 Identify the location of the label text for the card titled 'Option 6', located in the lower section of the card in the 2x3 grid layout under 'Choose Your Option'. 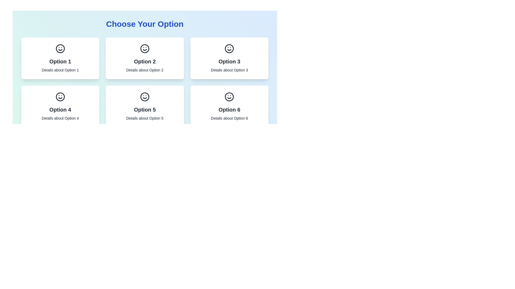
(229, 109).